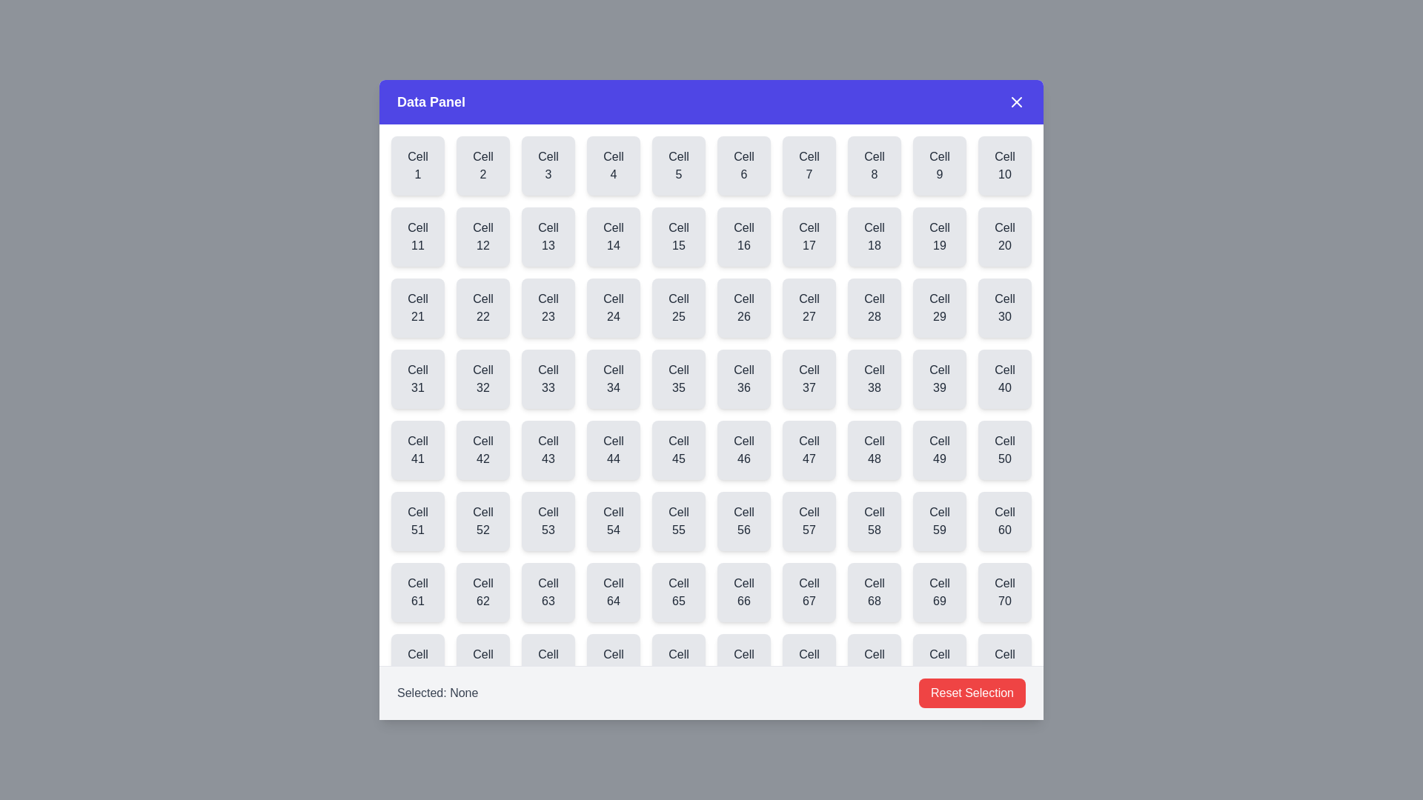 This screenshot has width=1423, height=800. Describe the element at coordinates (971, 693) in the screenshot. I see `the 'Reset Selection' button to deselect the currently selected cell` at that location.